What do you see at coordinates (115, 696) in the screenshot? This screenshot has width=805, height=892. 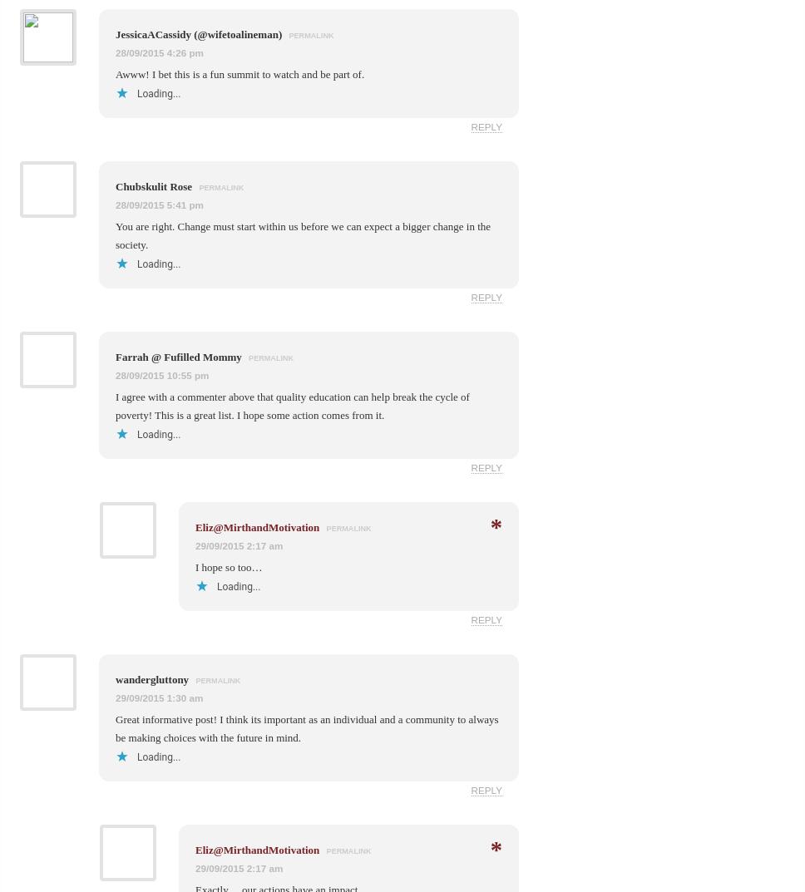 I see `'29/09/2015 1:30 am'` at bounding box center [115, 696].